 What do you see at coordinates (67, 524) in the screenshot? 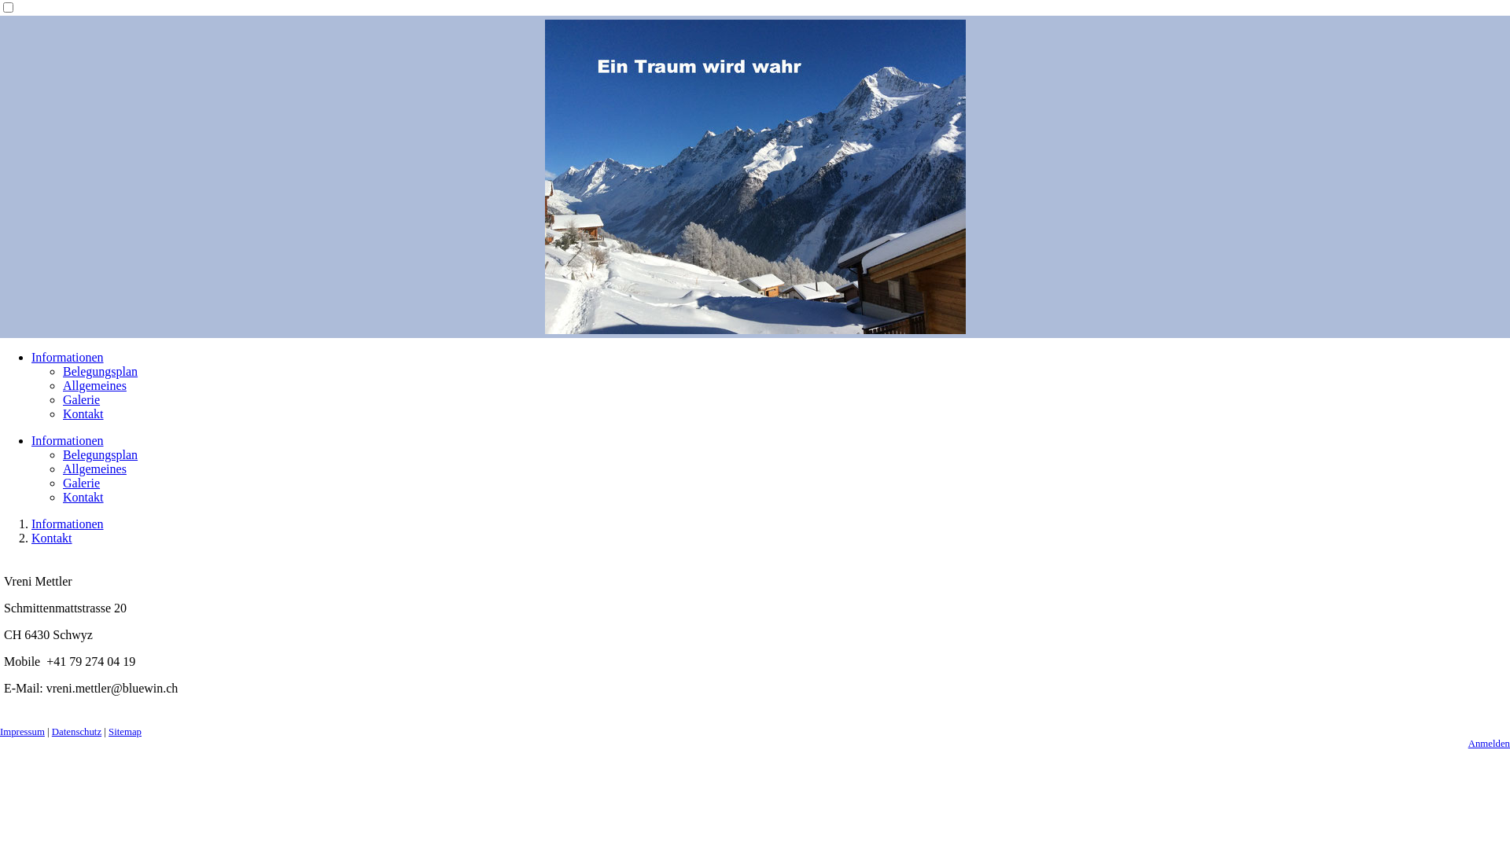
I see `'Informationen'` at bounding box center [67, 524].